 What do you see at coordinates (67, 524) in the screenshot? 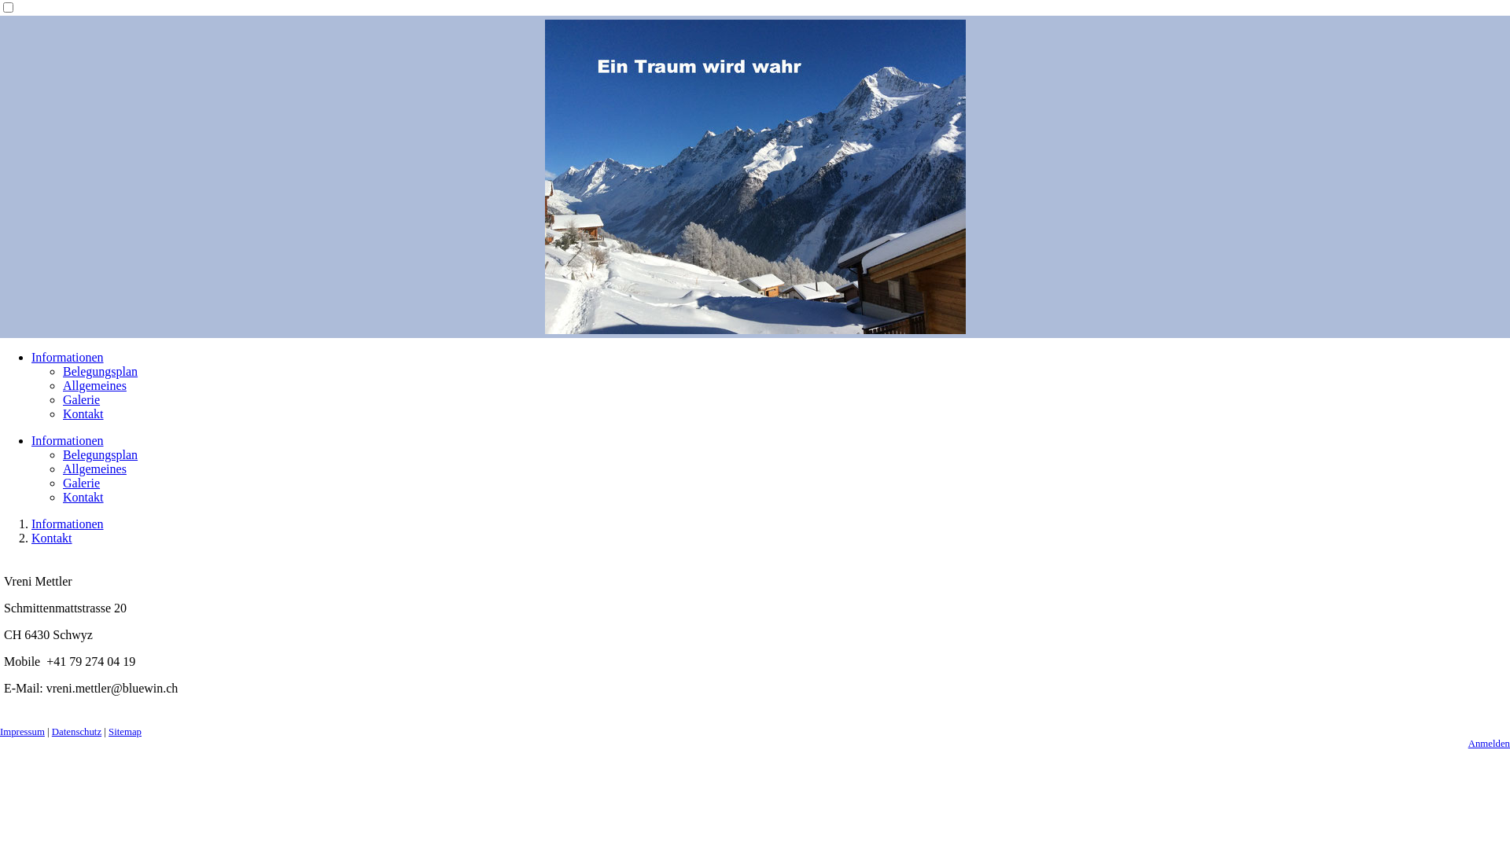
I see `'Informationen'` at bounding box center [67, 524].